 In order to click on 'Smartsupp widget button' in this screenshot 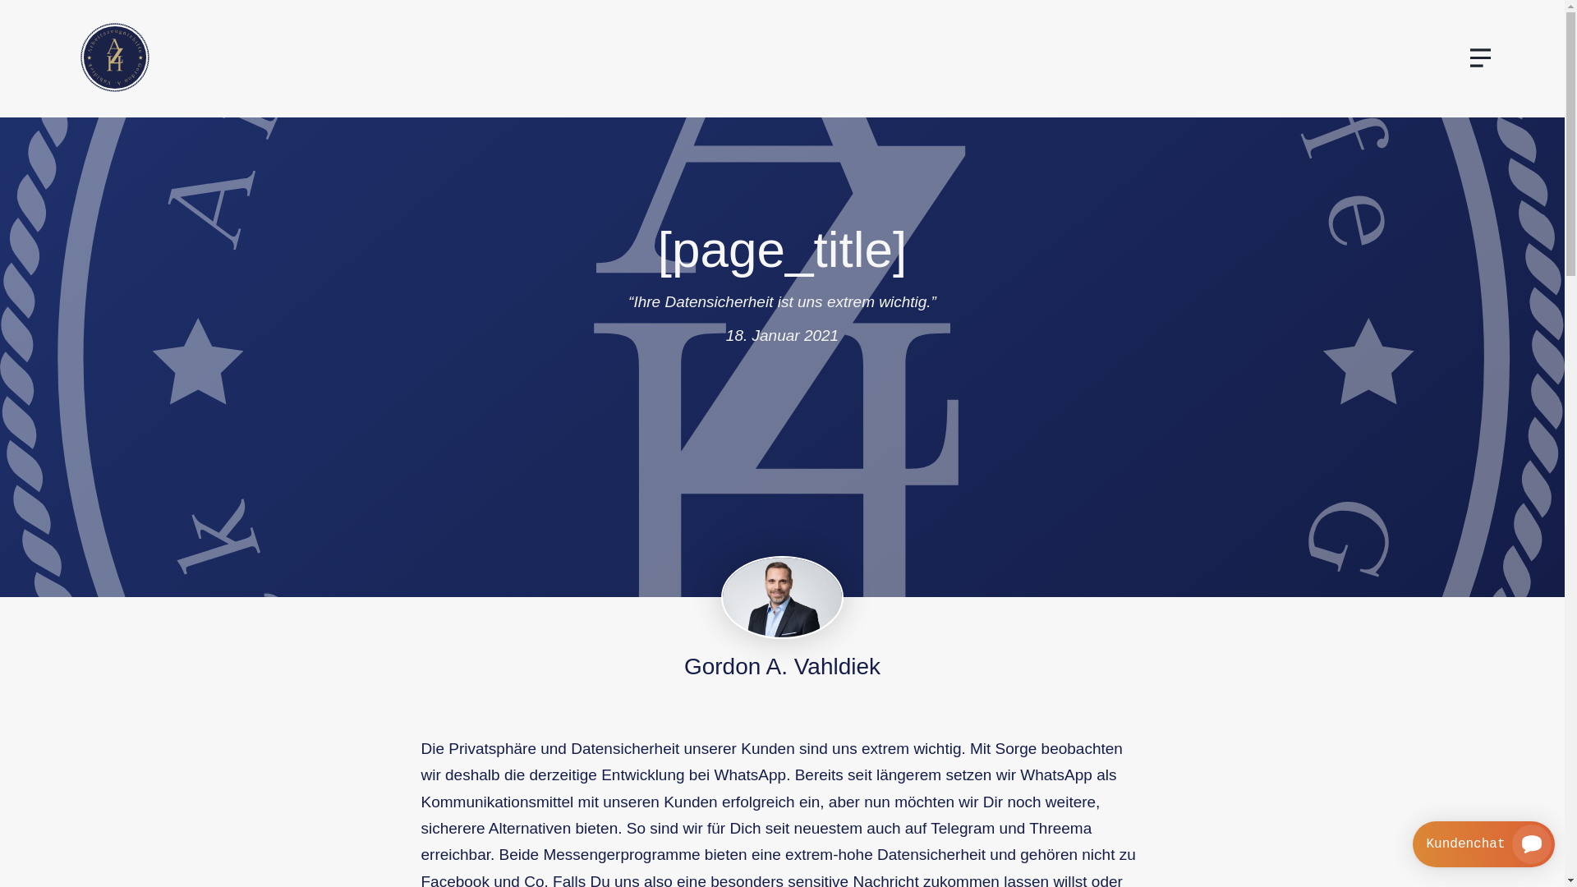, I will do `click(1483, 844)`.